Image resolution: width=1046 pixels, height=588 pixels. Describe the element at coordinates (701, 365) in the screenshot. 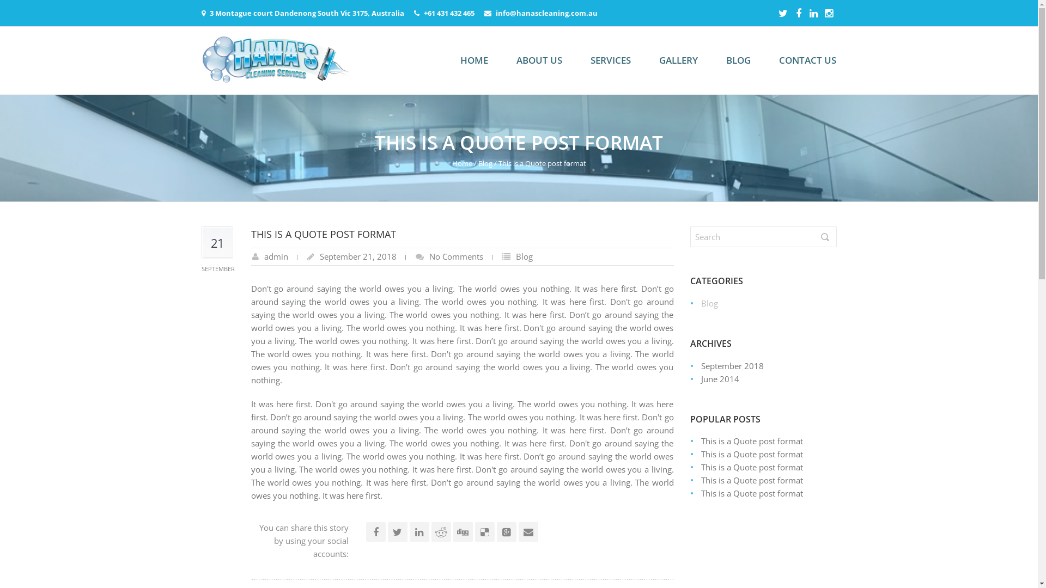

I see `'September 2018'` at that location.